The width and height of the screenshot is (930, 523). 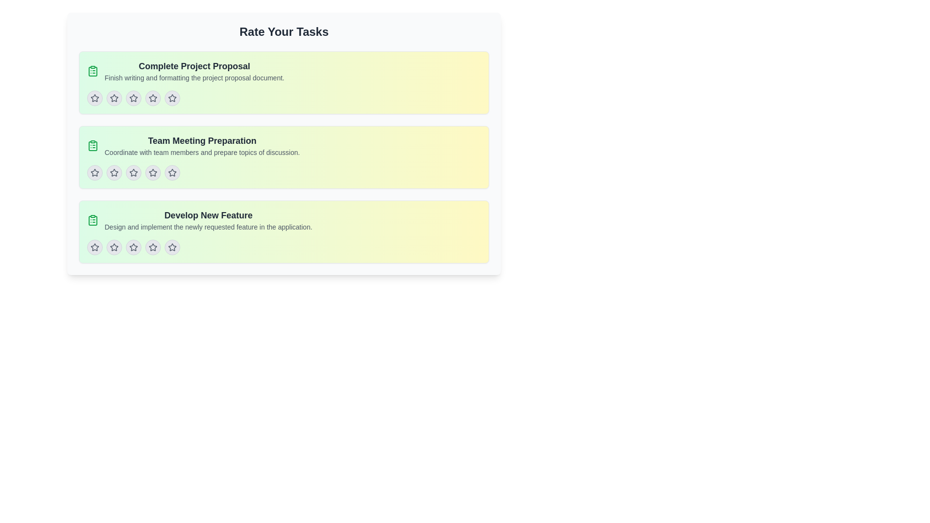 What do you see at coordinates (153, 98) in the screenshot?
I see `the fourth rating star in the task rating section under 'Complete Project Proposal'` at bounding box center [153, 98].